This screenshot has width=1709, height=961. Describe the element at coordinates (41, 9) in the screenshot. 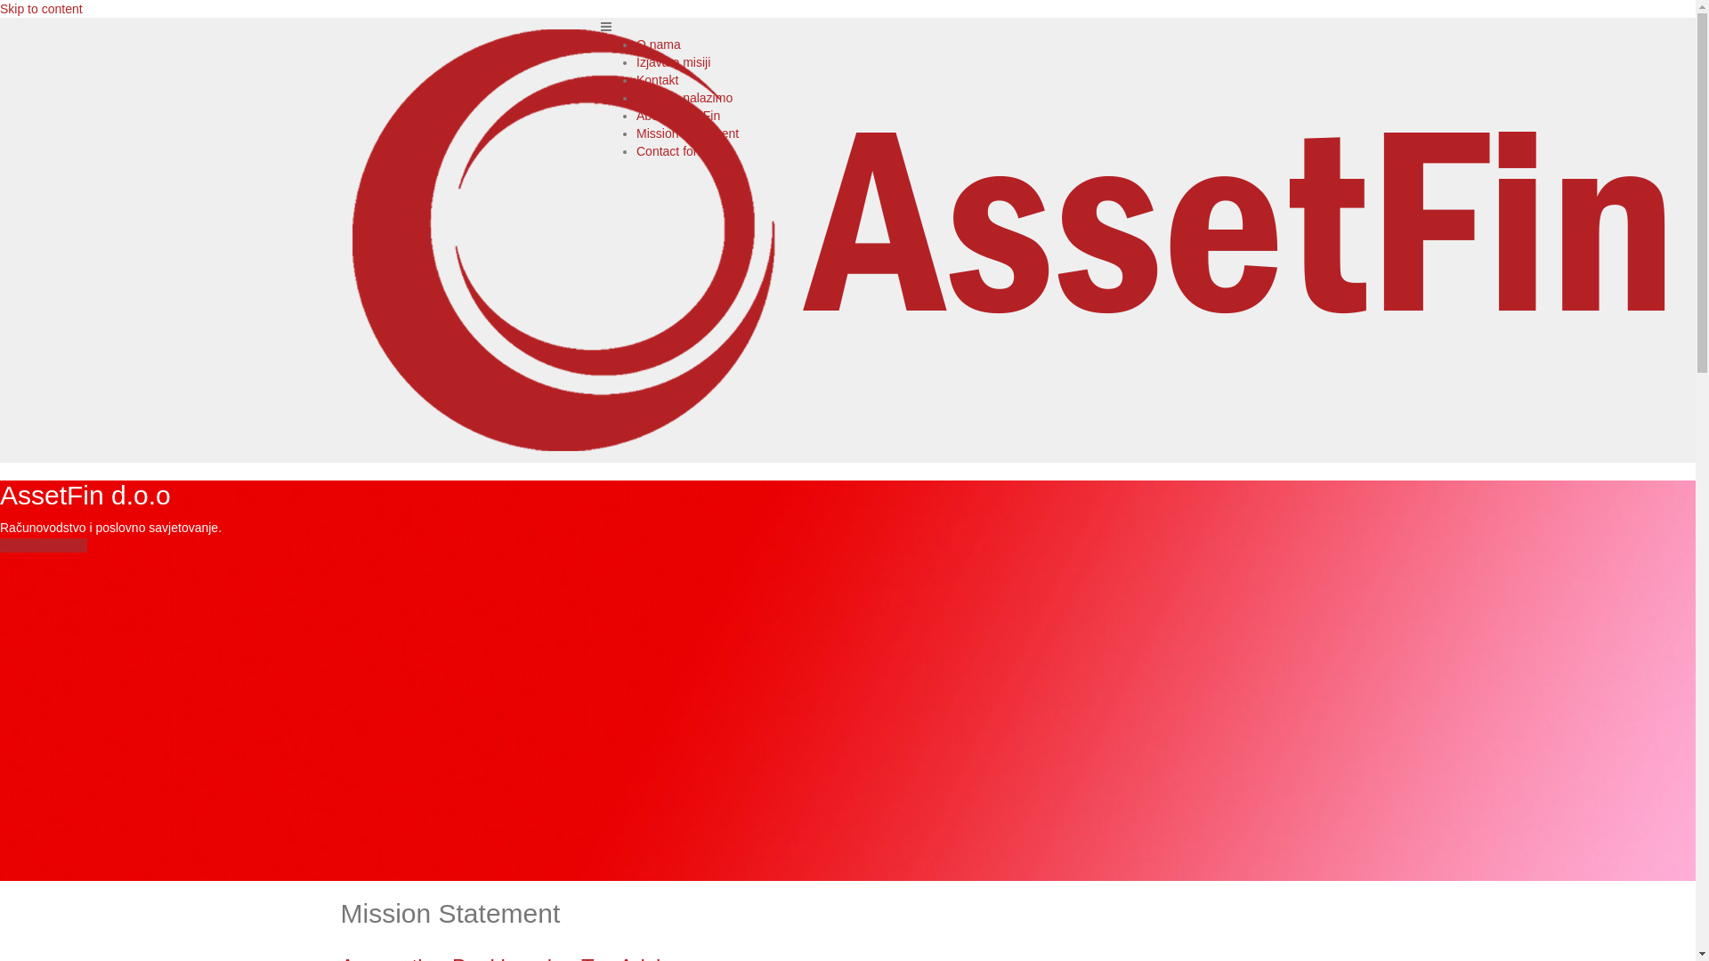

I see `'Skip to content'` at that location.